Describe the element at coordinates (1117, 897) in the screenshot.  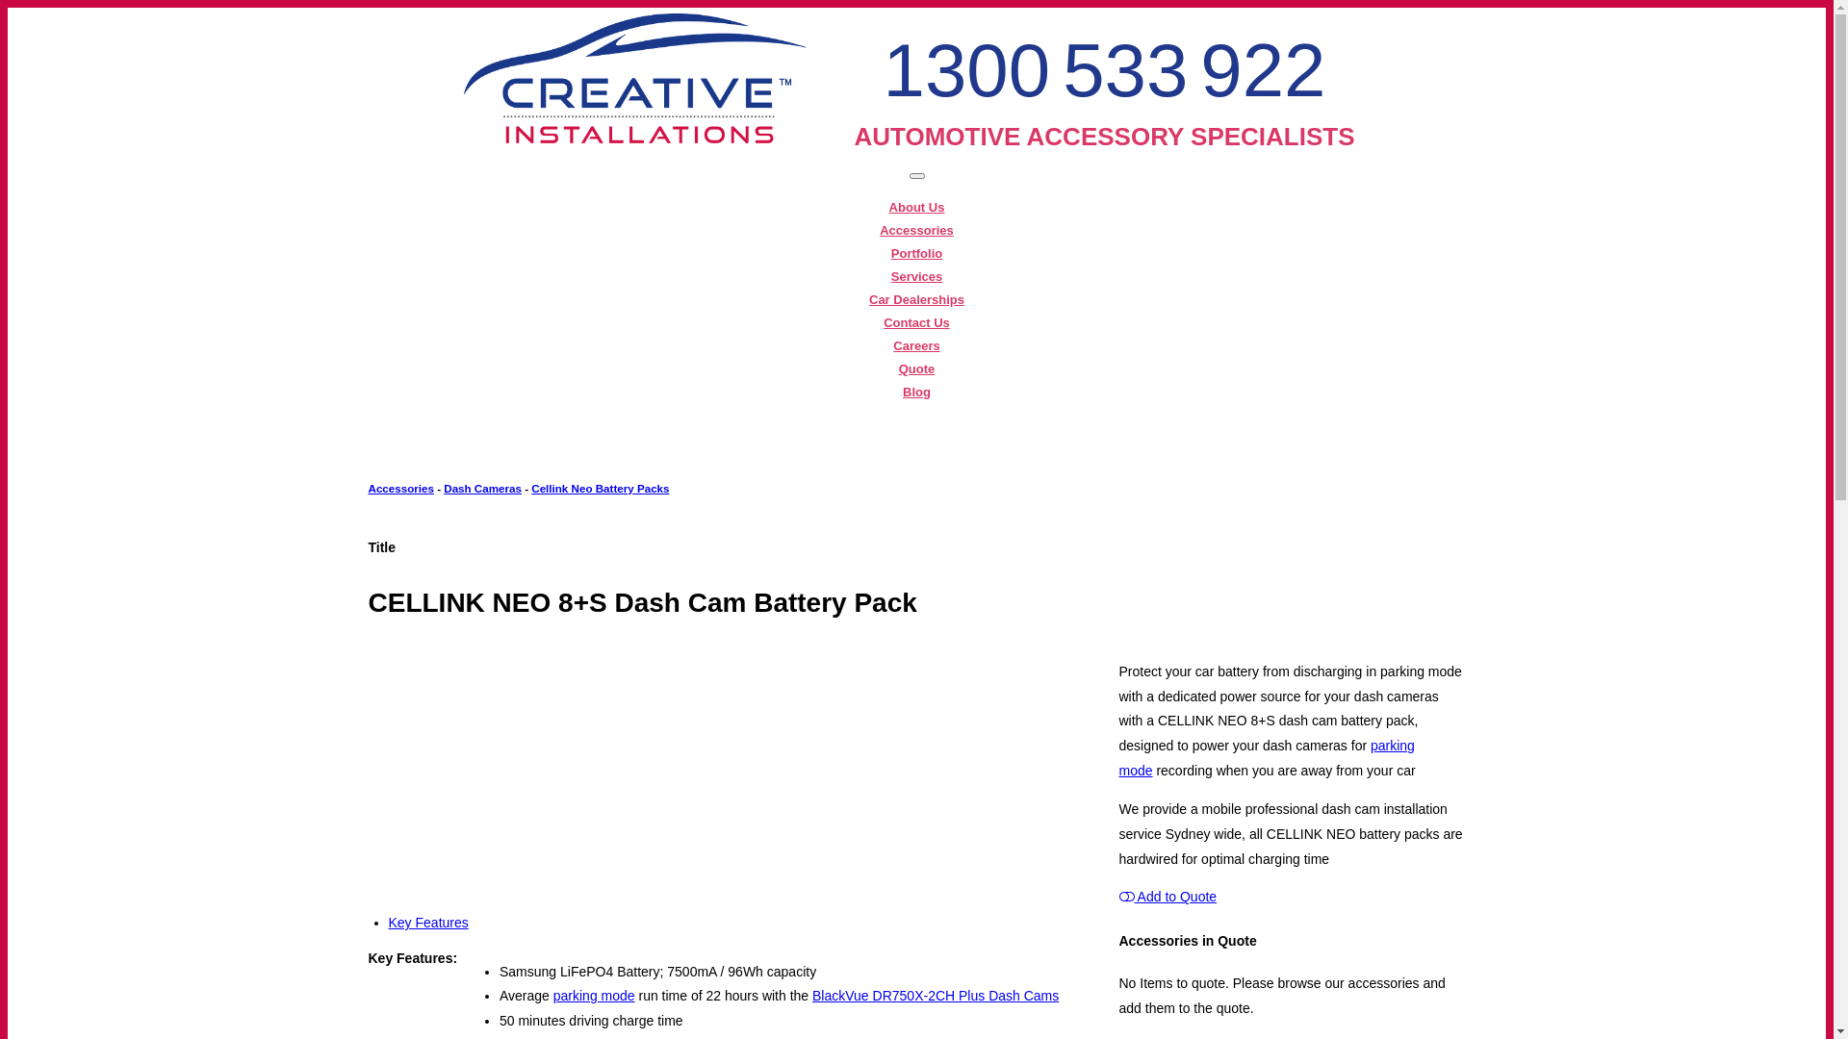
I see `'Add to Quote'` at that location.